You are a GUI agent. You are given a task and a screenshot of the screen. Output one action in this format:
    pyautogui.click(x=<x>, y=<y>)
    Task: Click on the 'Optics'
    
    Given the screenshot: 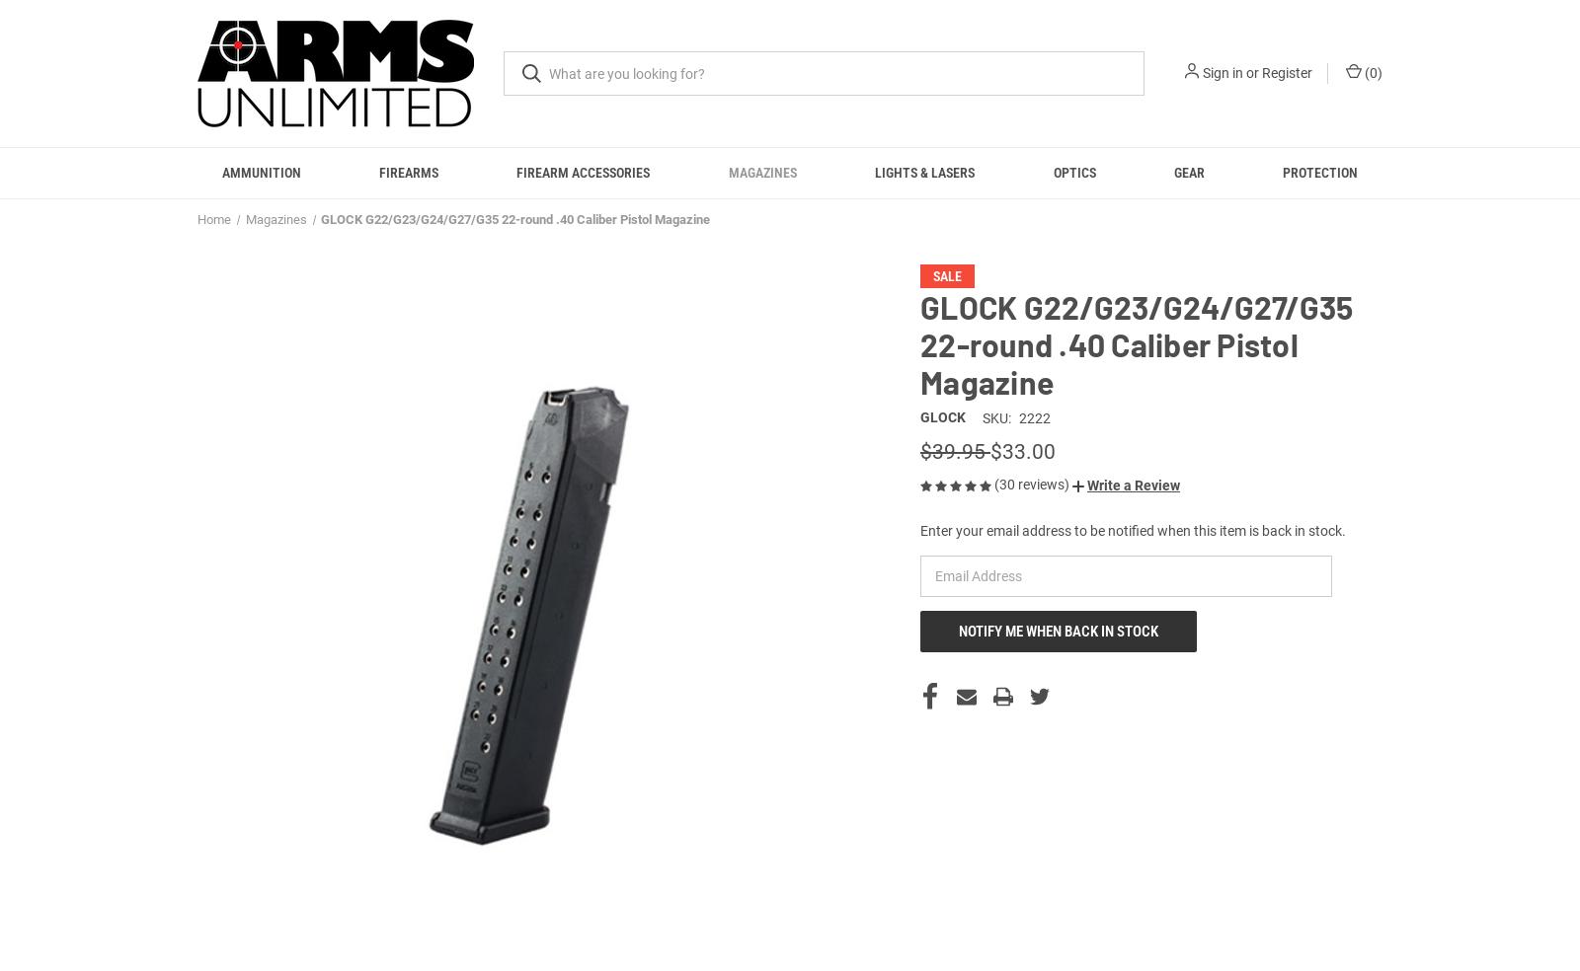 What is the action you would take?
    pyautogui.click(x=1073, y=172)
    